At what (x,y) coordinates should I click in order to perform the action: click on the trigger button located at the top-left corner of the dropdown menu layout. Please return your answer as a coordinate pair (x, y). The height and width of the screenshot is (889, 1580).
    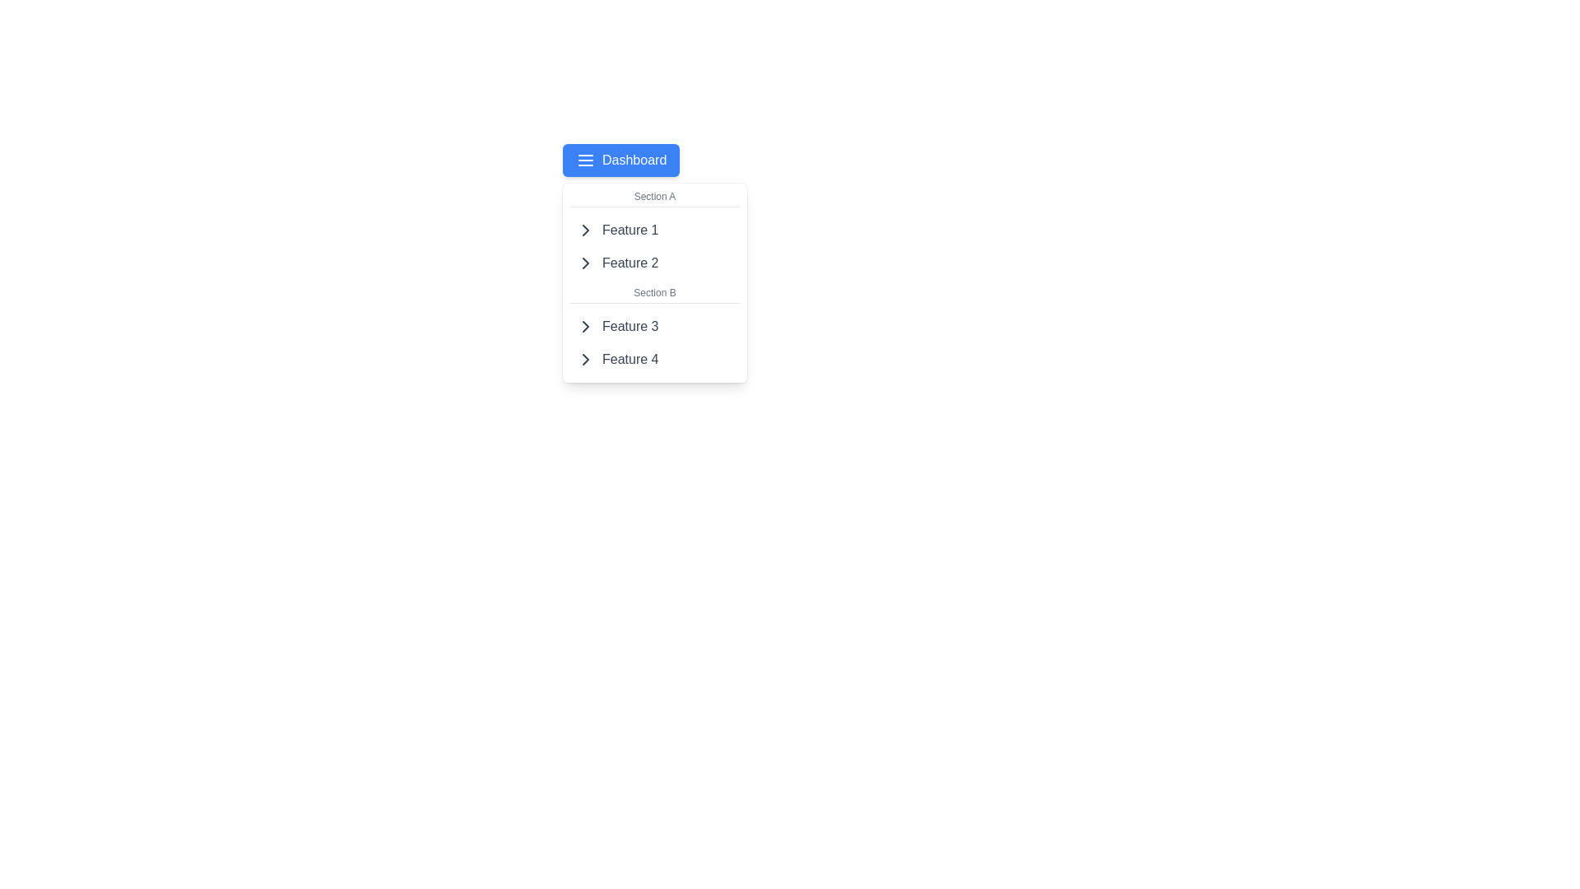
    Looking at the image, I should click on (620, 161).